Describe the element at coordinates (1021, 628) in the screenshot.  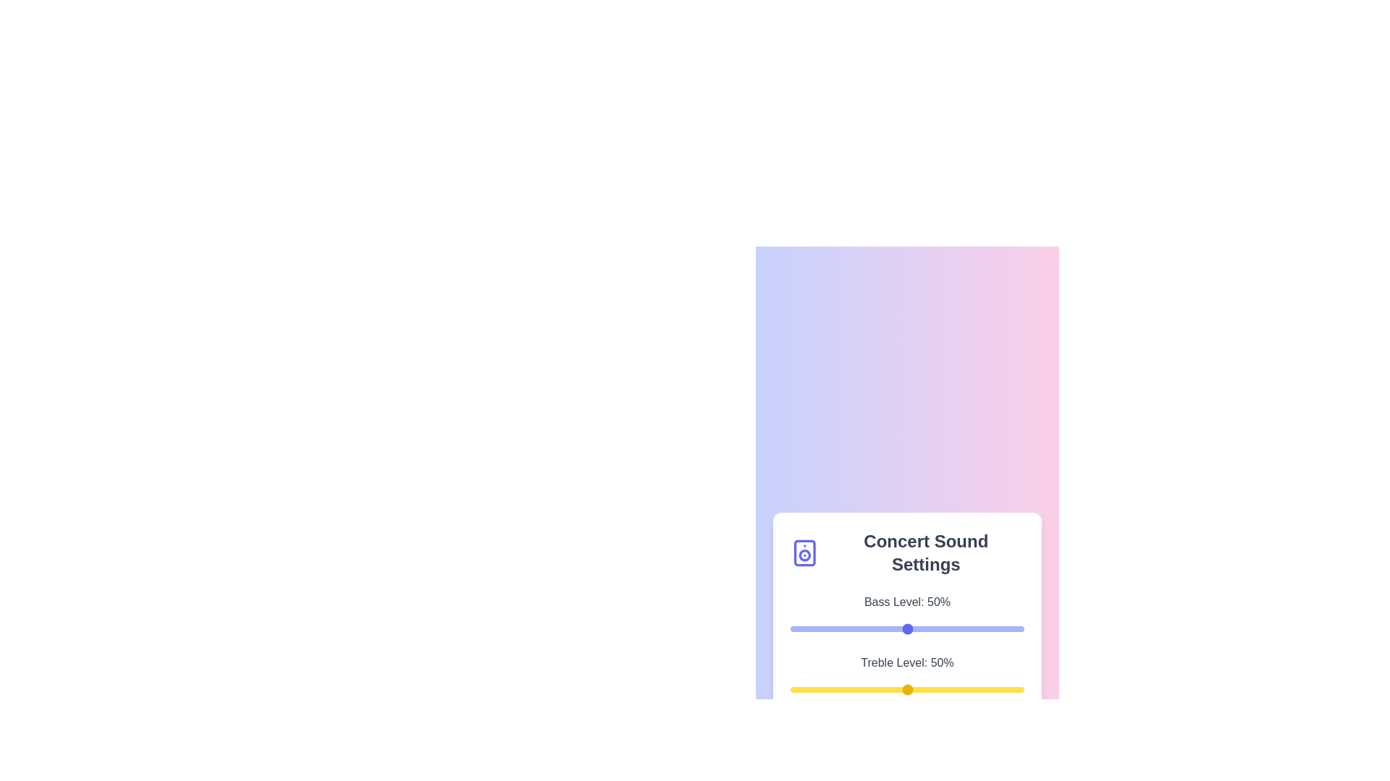
I see `the bass level slider to 99%` at that location.